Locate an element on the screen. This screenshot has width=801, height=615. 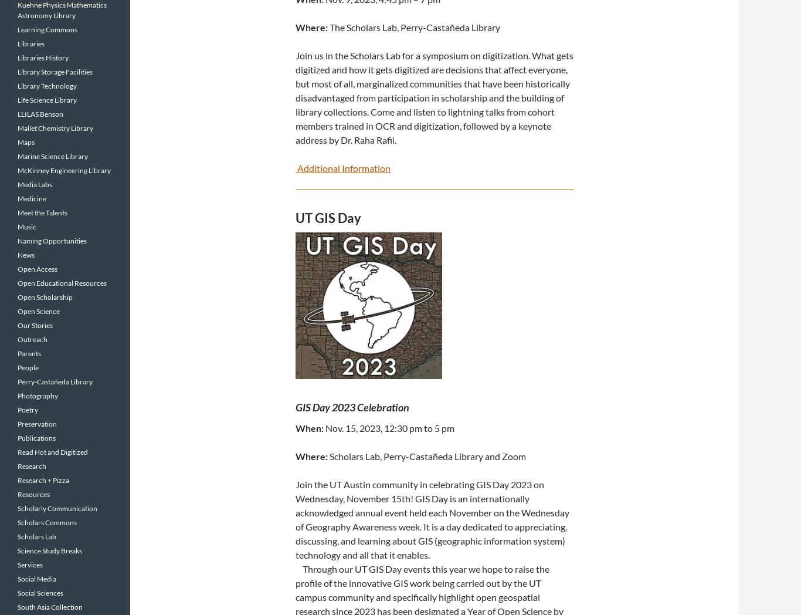
'Research + Pizza' is located at coordinates (18, 479).